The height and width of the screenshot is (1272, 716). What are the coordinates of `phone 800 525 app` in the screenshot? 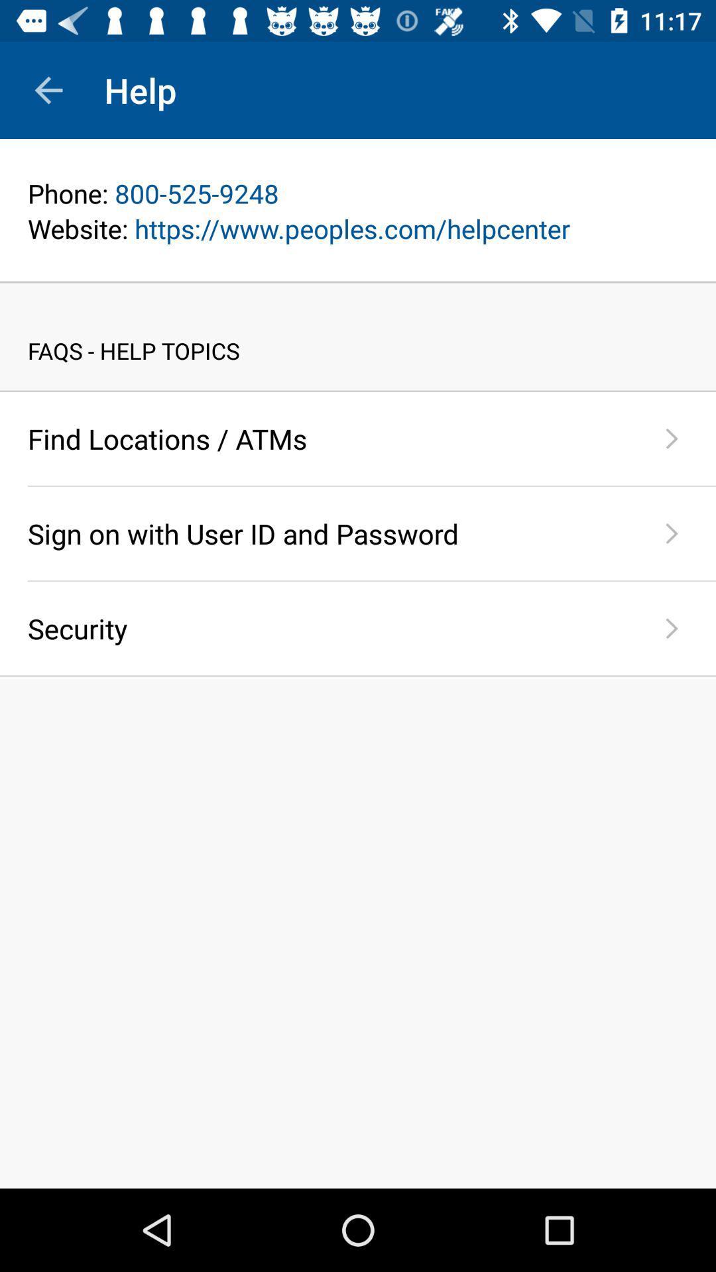 It's located at (358, 193).